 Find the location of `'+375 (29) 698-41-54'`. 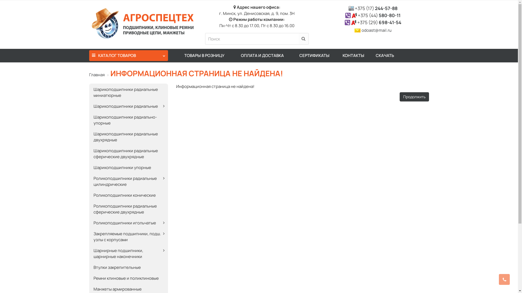

'+375 (29) 698-41-54' is located at coordinates (379, 22).